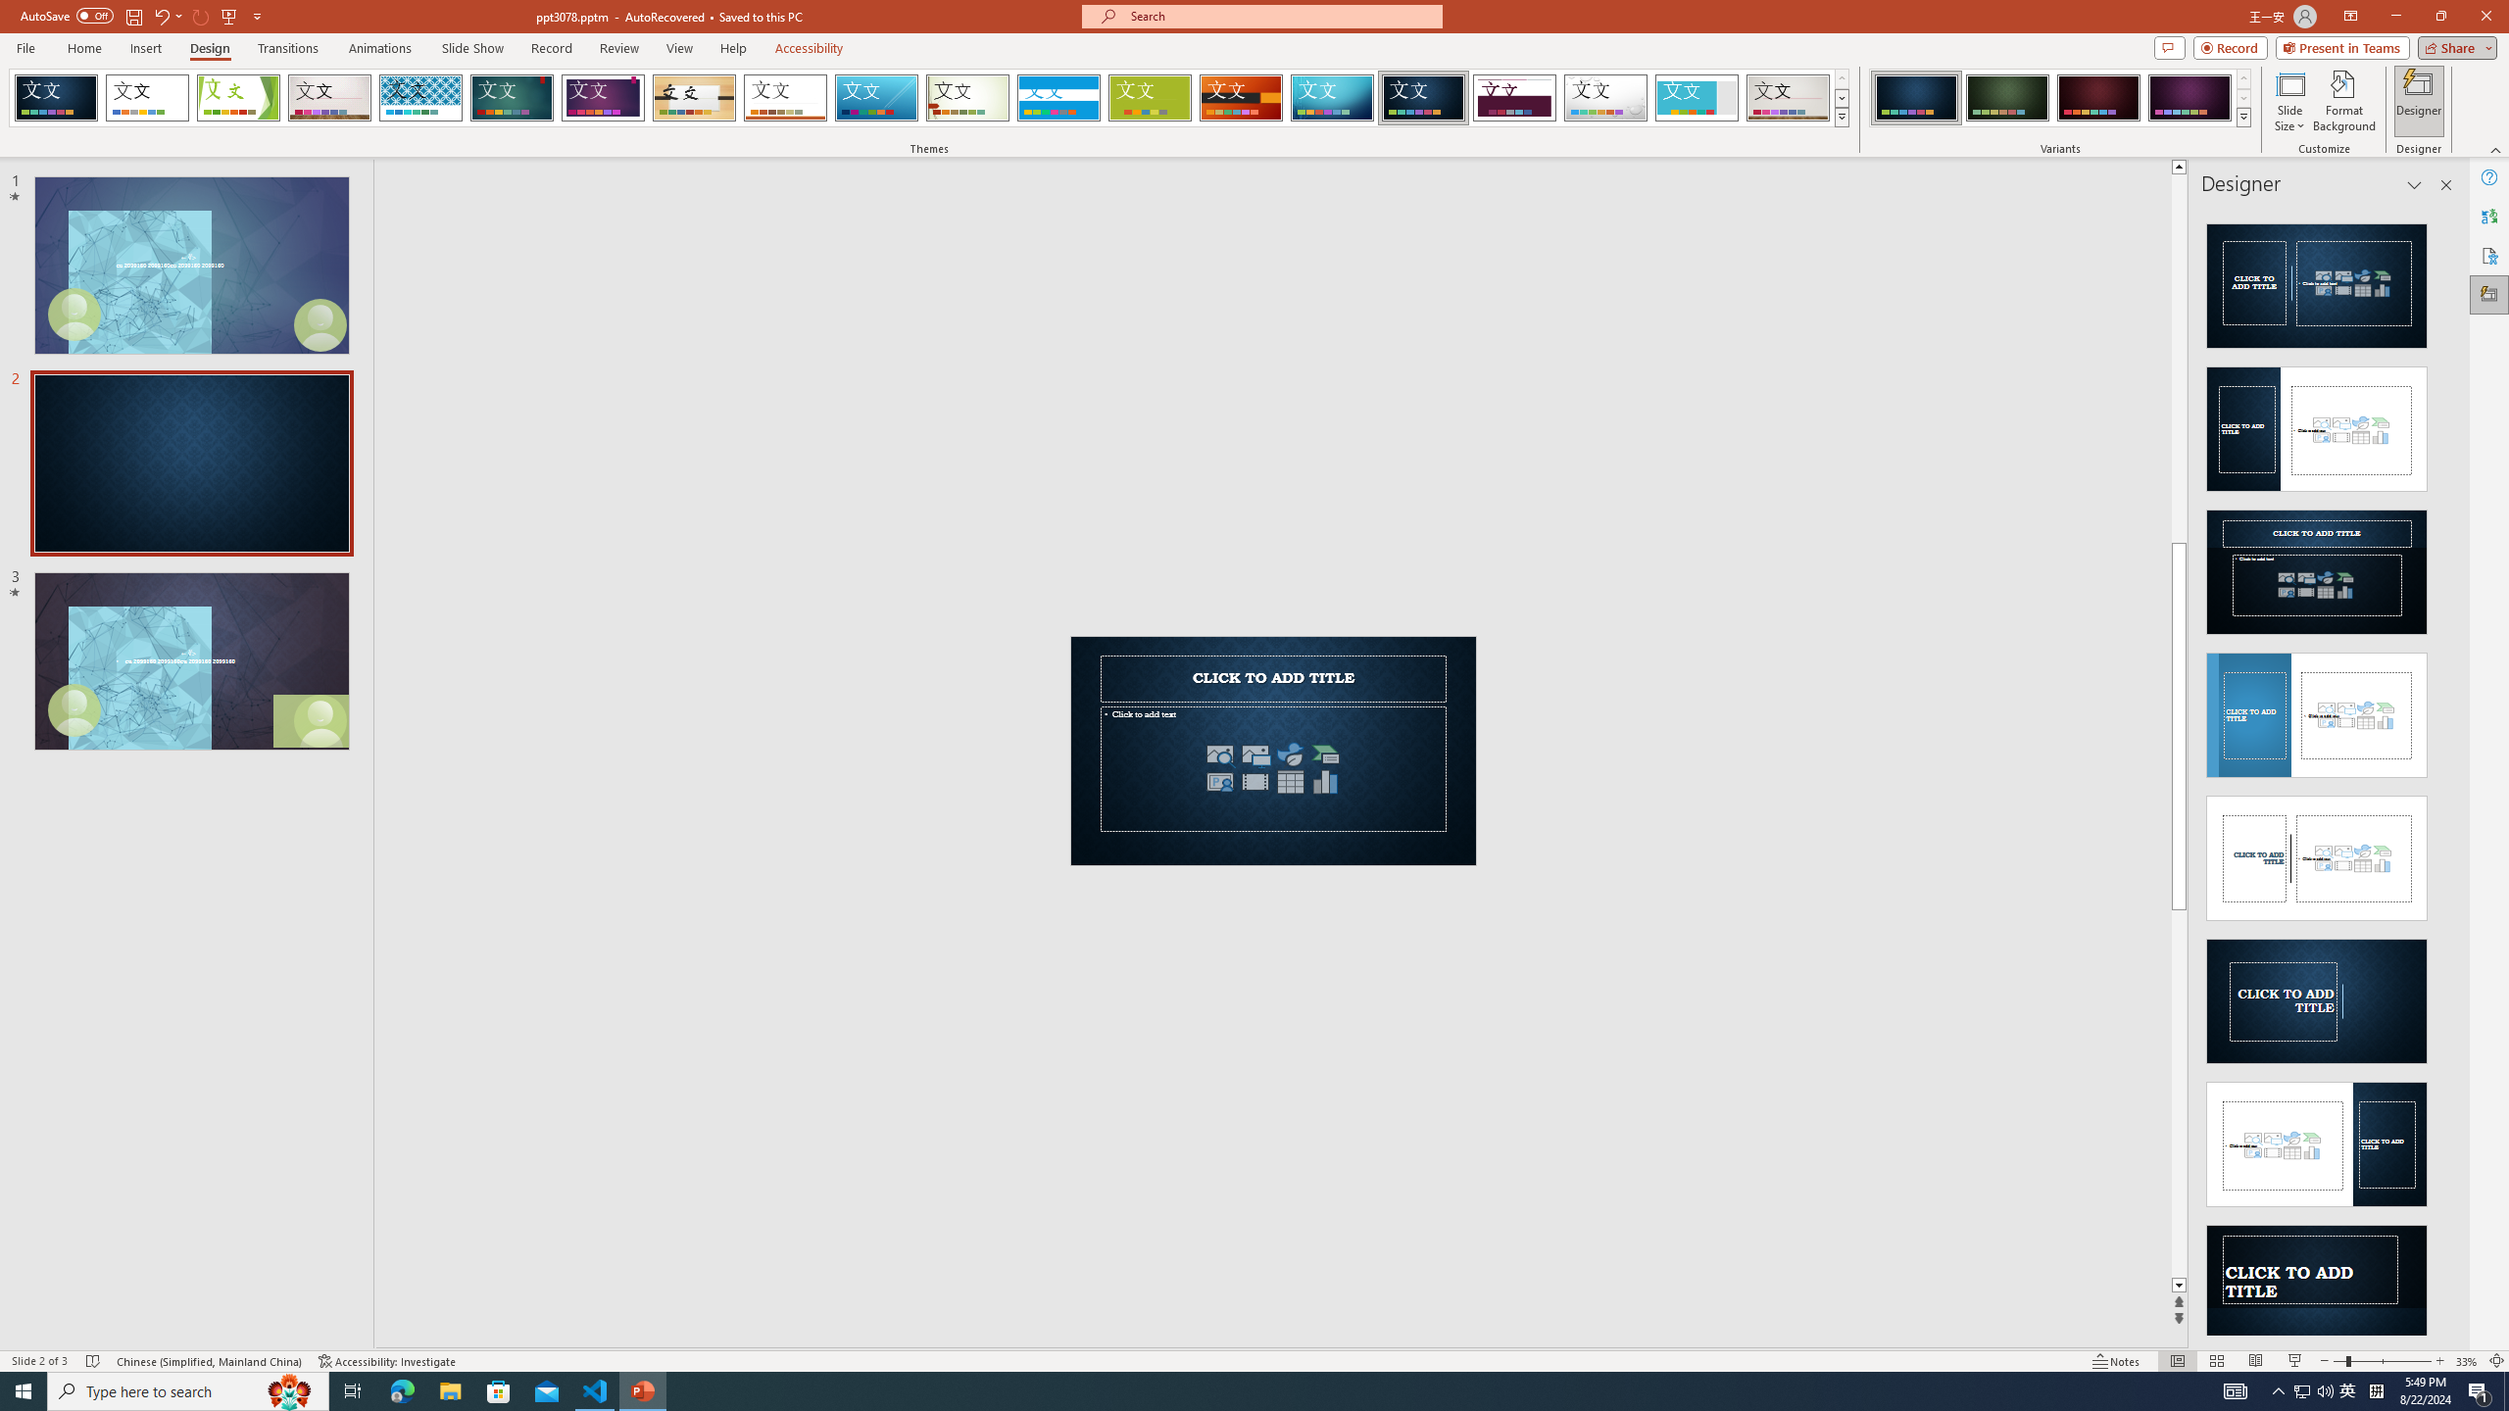  I want to click on 'AutomationID: ThemeVariantsGallery', so click(2061, 97).